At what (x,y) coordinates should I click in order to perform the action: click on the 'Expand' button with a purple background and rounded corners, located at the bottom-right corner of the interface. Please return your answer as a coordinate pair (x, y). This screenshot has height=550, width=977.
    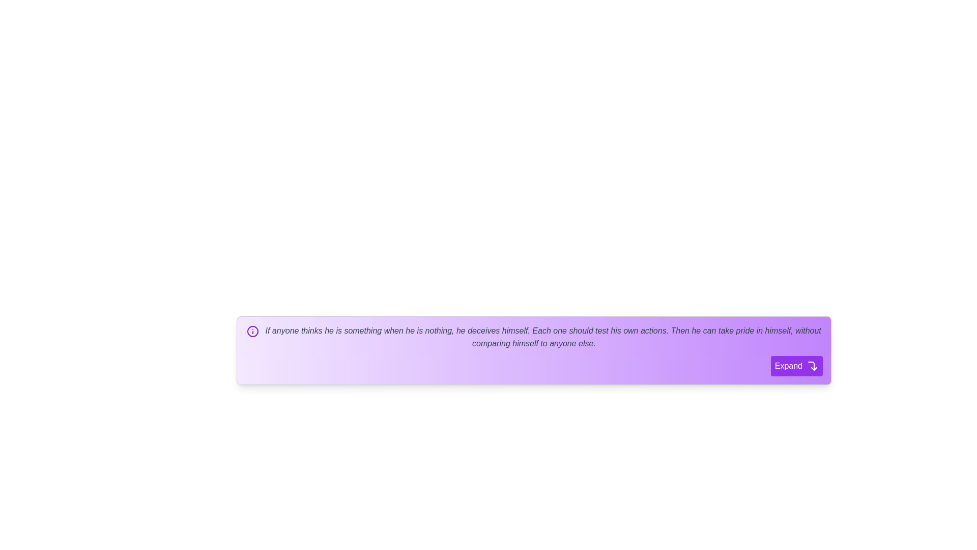
    Looking at the image, I should click on (796, 365).